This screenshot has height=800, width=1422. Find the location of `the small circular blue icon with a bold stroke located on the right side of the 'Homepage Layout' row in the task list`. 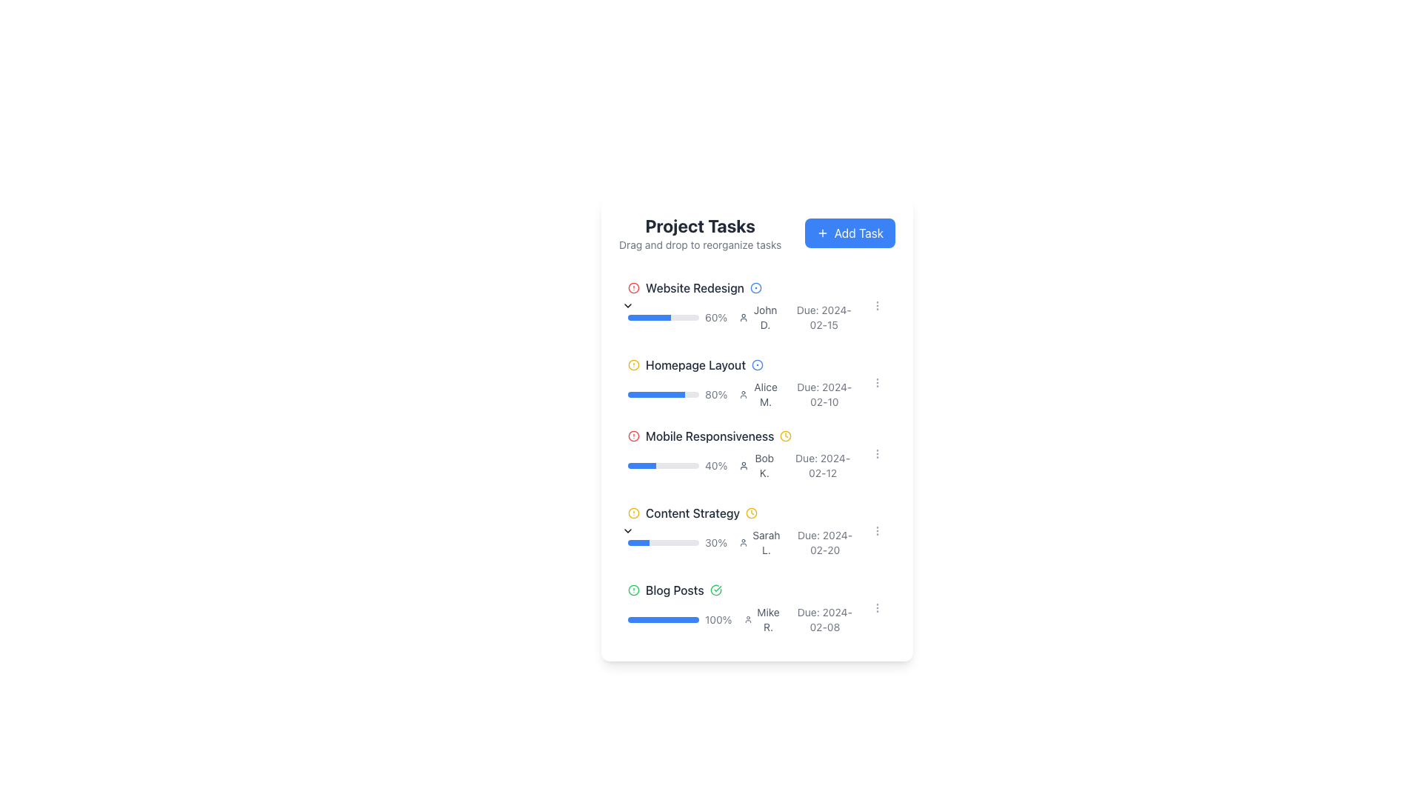

the small circular blue icon with a bold stroke located on the right side of the 'Homepage Layout' row in the task list is located at coordinates (757, 365).